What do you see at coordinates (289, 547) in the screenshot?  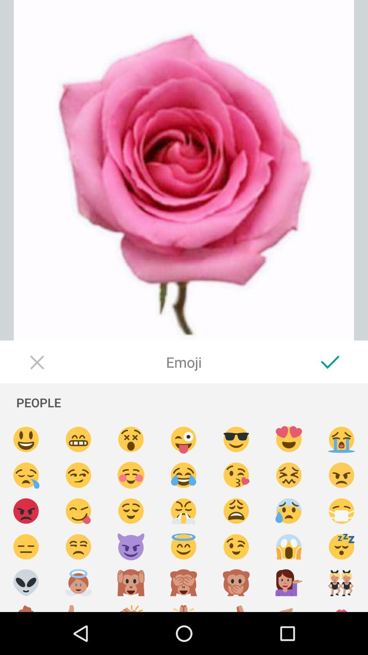 I see `insert emoji` at bounding box center [289, 547].